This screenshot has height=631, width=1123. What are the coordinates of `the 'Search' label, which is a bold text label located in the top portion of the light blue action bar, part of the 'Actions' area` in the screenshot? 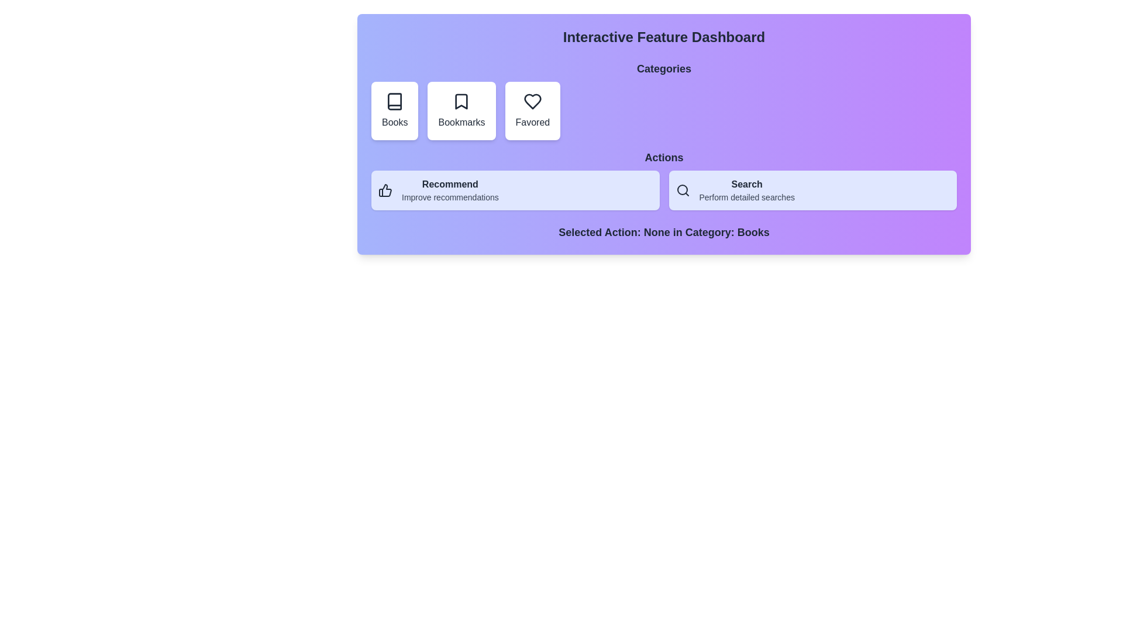 It's located at (746, 184).